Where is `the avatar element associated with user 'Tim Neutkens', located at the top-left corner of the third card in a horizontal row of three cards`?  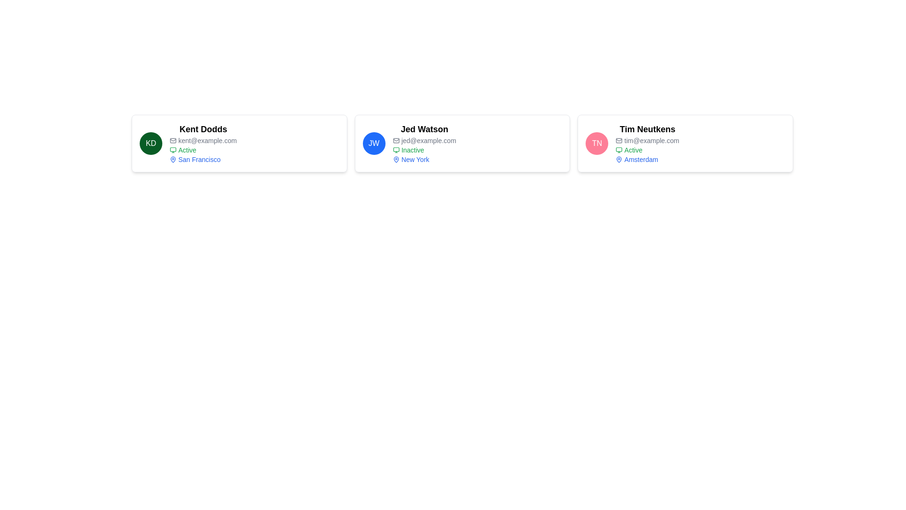 the avatar element associated with user 'Tim Neutkens', located at the top-left corner of the third card in a horizontal row of three cards is located at coordinates (596, 144).